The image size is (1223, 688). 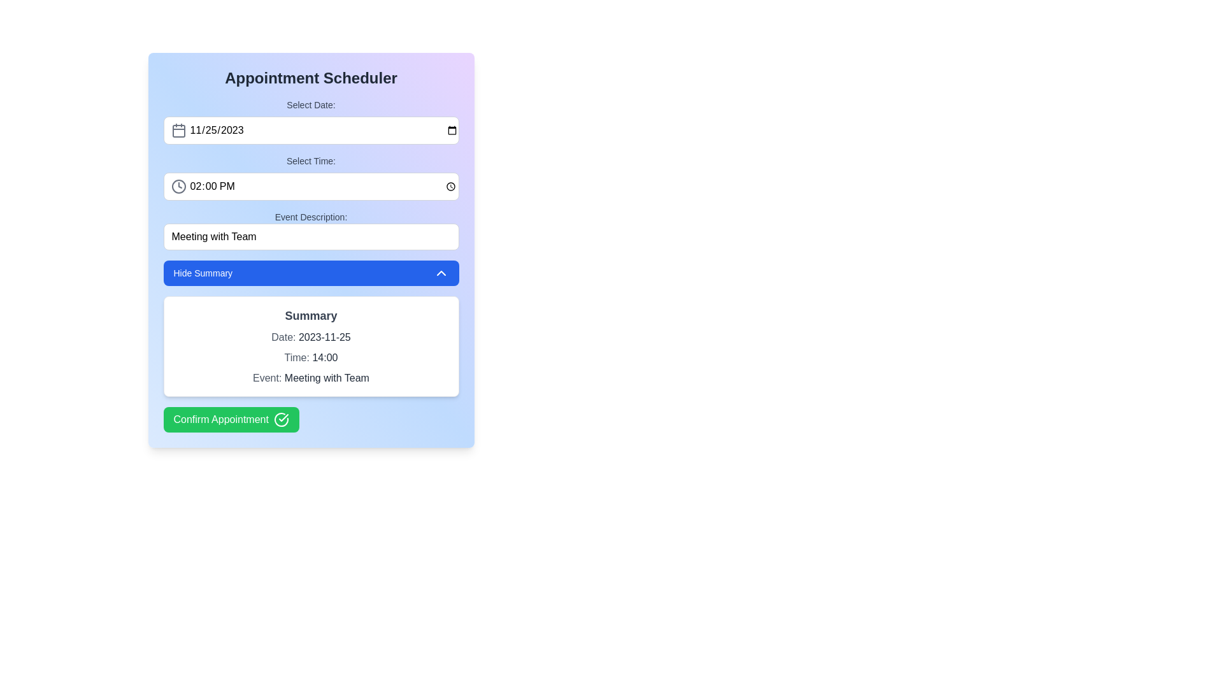 What do you see at coordinates (283, 417) in the screenshot?
I see `the confirmation icon located at the right end of the green 'Confirm Appointment' button, which symbolizes successful completion of an action` at bounding box center [283, 417].